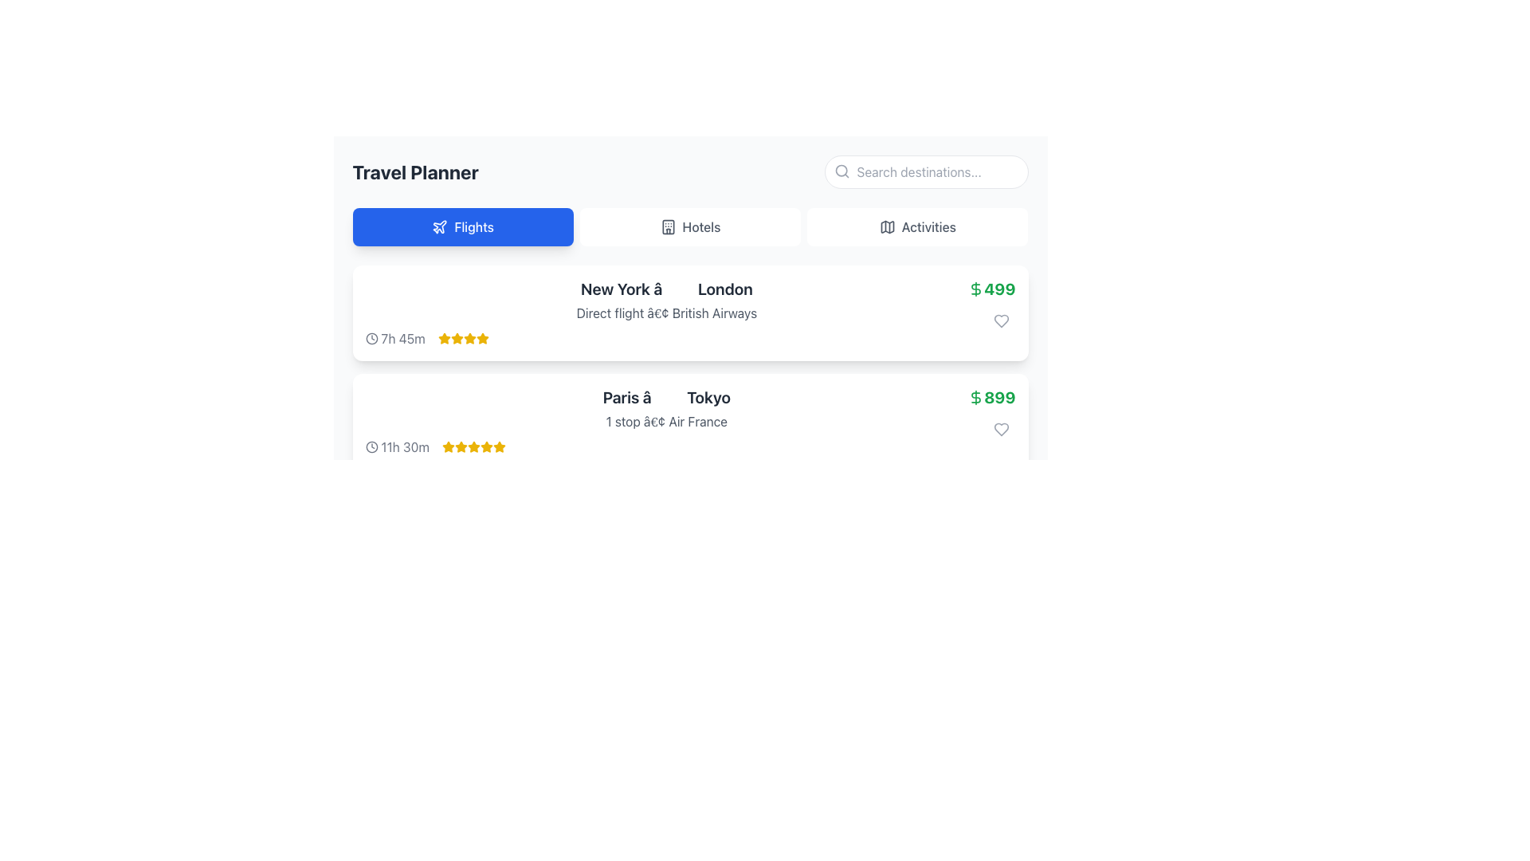 This screenshot has width=1530, height=861. I want to click on the green dollar sign icon located to the left of the numeric value '899', which is styled with a bold, rounded outline and consistent with pricing indicators in green text, so click(975, 396).